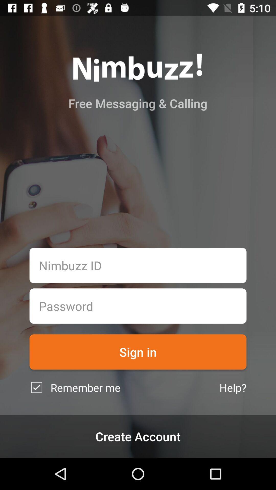 This screenshot has width=276, height=490. Describe the element at coordinates (138, 265) in the screenshot. I see `nimbuzz id` at that location.